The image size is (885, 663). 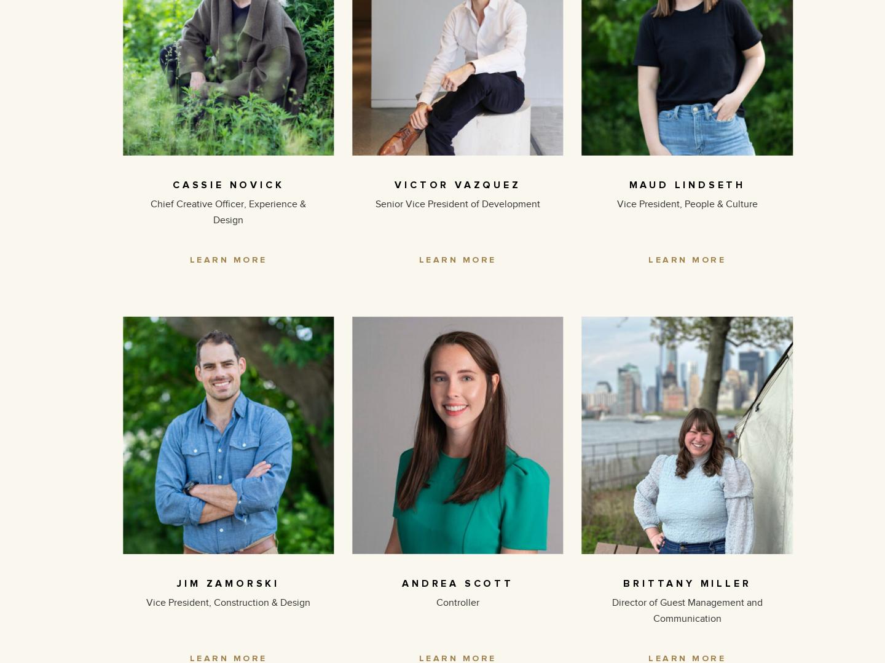 What do you see at coordinates (227, 582) in the screenshot?
I see `'JIM ZAMORSKI'` at bounding box center [227, 582].